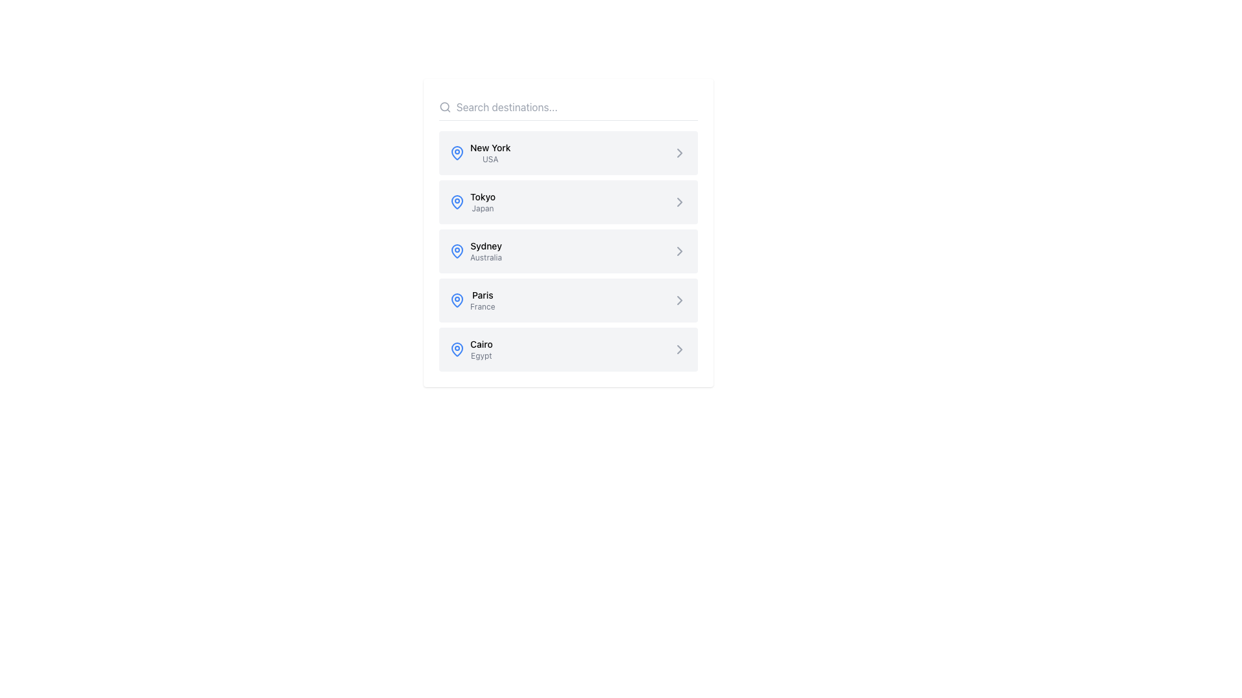 Image resolution: width=1242 pixels, height=698 pixels. I want to click on the text label displaying 'Tokyo', which is located in the second row of destination cards, above the smaller label 'Japan', and to the right of a blue map pin icon, so click(482, 196).